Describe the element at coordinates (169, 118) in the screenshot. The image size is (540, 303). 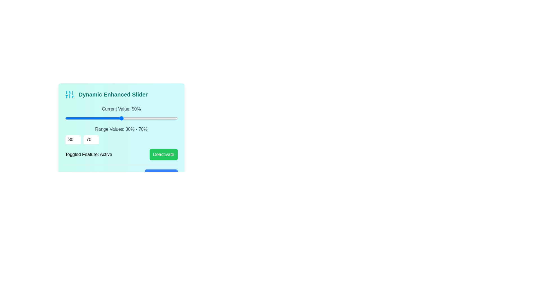
I see `the slider` at that location.